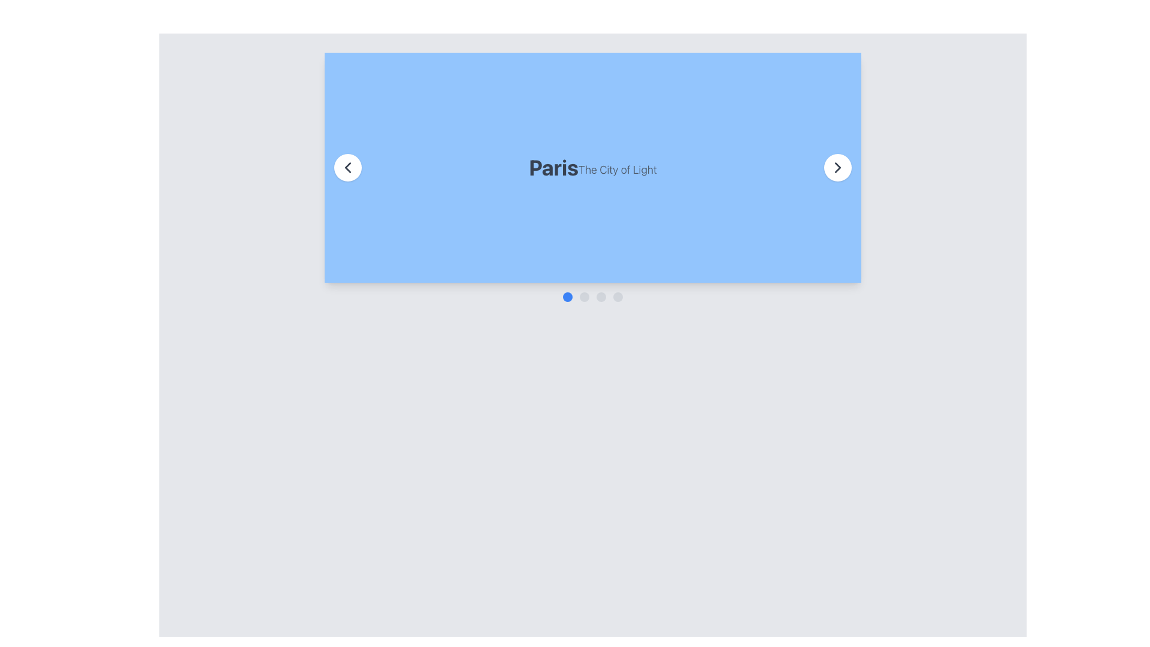  What do you see at coordinates (347, 168) in the screenshot?
I see `the circular button with a white background and a left-pointing chevron icon, located to the left of the central blue content area labeled 'Paris'` at bounding box center [347, 168].